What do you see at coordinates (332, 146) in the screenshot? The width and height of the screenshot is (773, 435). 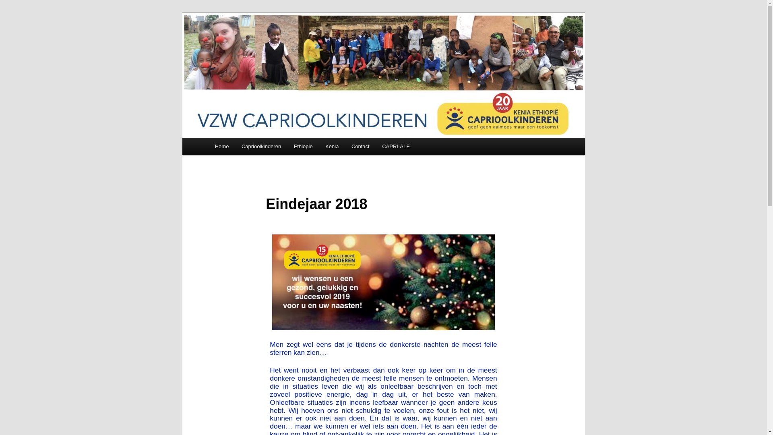 I see `'Kenia'` at bounding box center [332, 146].